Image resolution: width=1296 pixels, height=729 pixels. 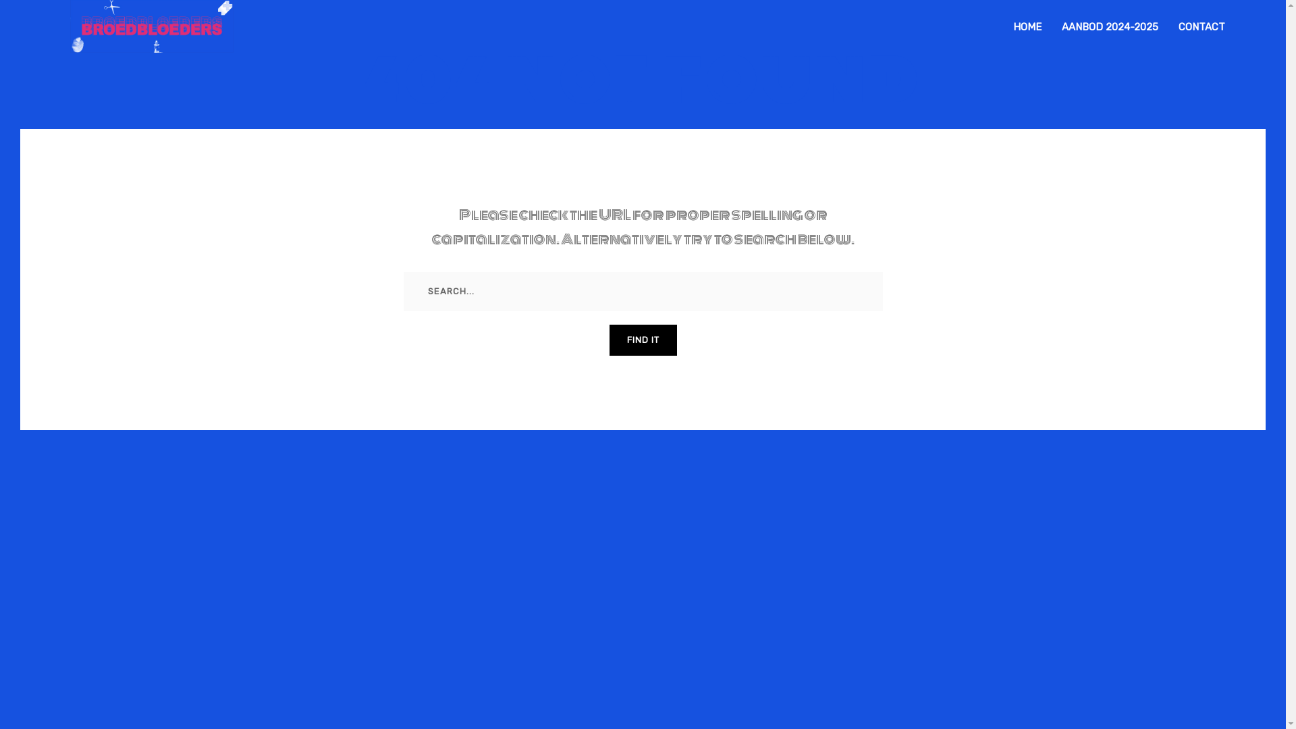 What do you see at coordinates (1026, 26) in the screenshot?
I see `'HOME'` at bounding box center [1026, 26].